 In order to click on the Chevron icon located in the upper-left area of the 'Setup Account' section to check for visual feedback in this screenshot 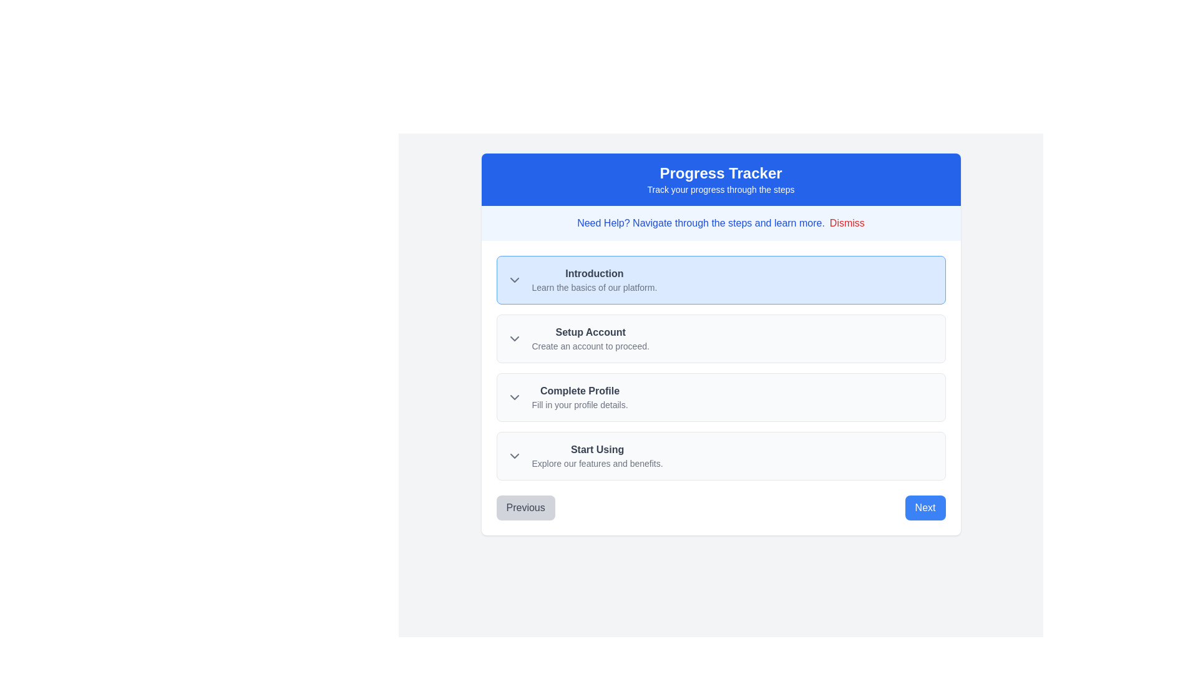, I will do `click(514, 339)`.